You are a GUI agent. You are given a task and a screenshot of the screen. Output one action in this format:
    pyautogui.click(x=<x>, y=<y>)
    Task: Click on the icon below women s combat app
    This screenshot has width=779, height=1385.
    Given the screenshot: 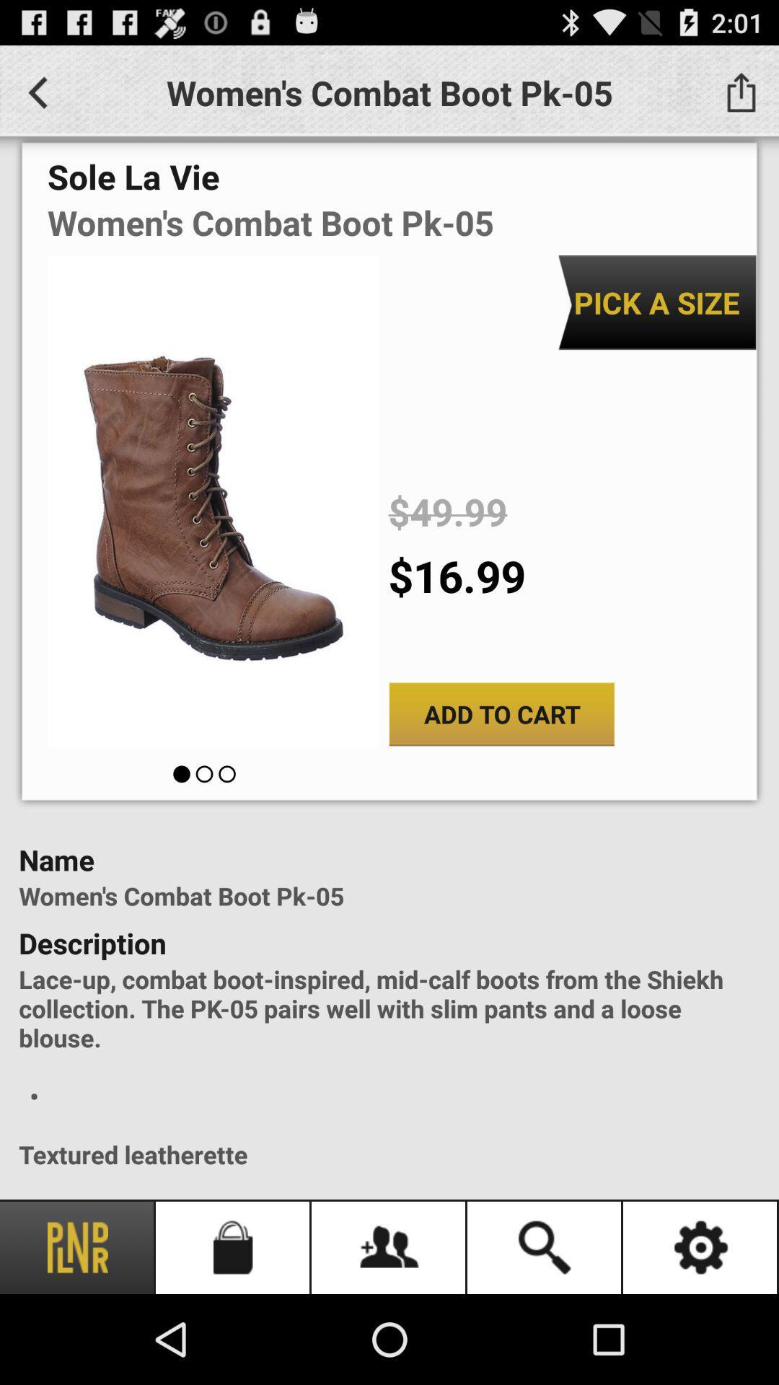 What is the action you would take?
    pyautogui.click(x=656, y=302)
    